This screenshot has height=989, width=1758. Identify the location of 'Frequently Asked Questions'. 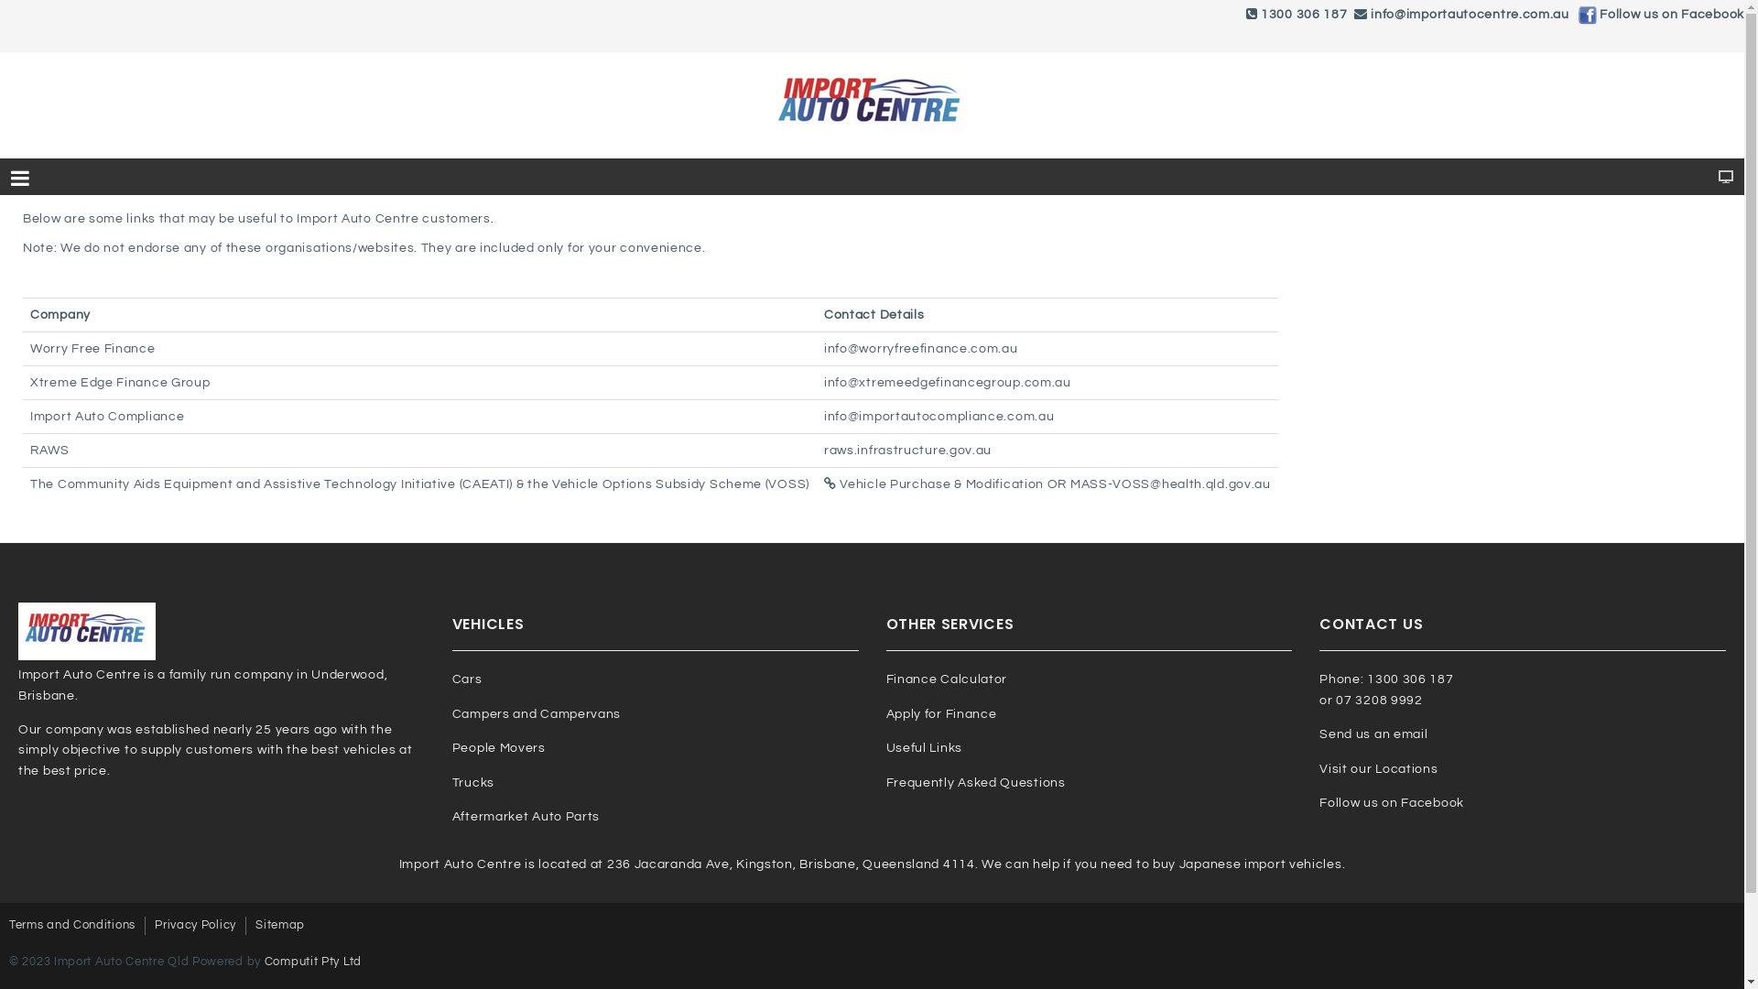
(974, 783).